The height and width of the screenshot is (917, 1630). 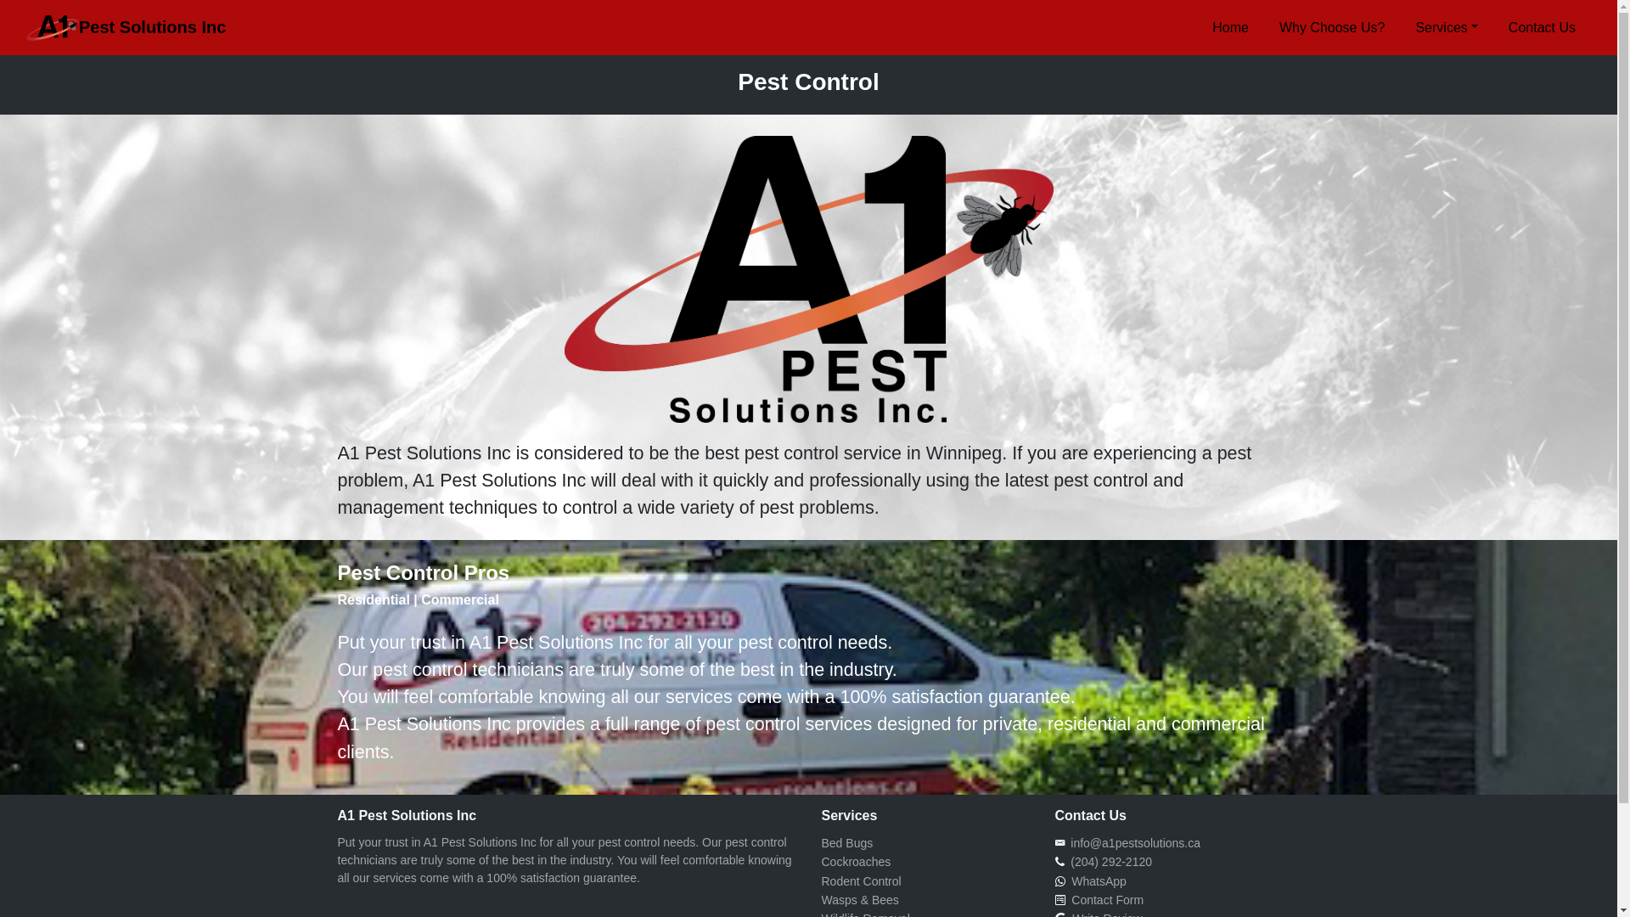 What do you see at coordinates (1331, 26) in the screenshot?
I see `'Why Choose Us?'` at bounding box center [1331, 26].